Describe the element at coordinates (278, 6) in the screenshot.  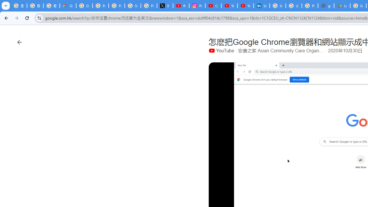
I see `'Sign in - Google Accounts'` at that location.